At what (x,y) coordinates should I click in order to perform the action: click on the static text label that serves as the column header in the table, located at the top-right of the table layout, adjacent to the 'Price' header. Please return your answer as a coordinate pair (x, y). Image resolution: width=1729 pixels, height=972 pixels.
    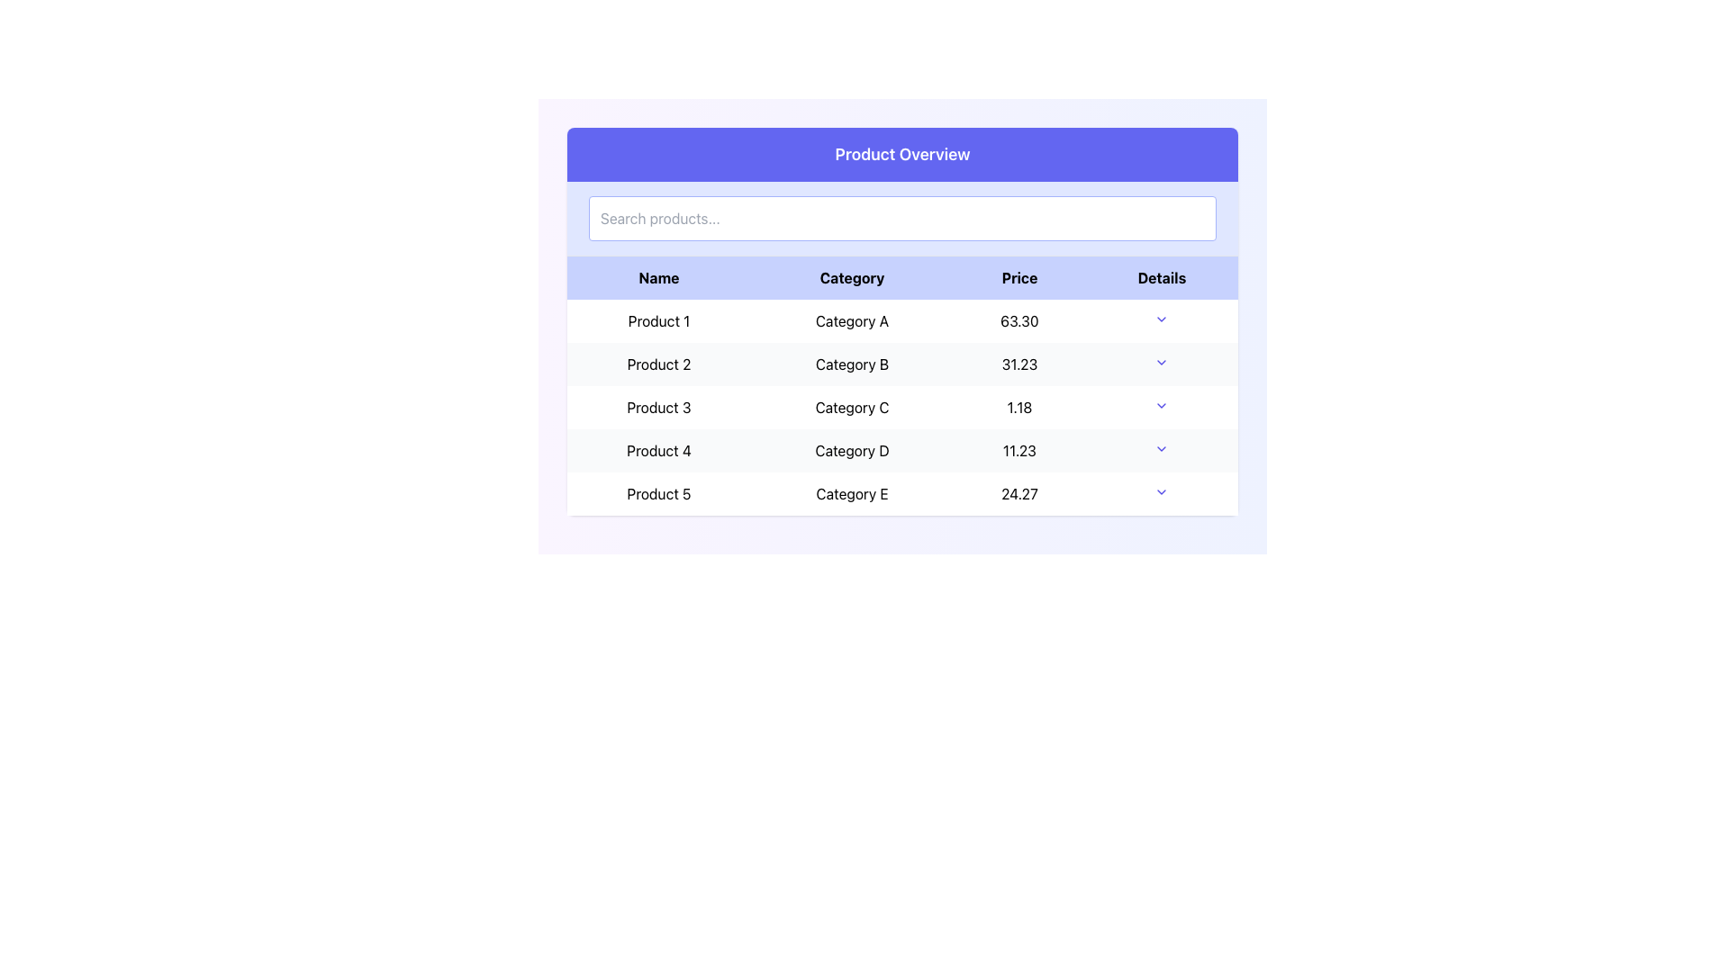
    Looking at the image, I should click on (1162, 277).